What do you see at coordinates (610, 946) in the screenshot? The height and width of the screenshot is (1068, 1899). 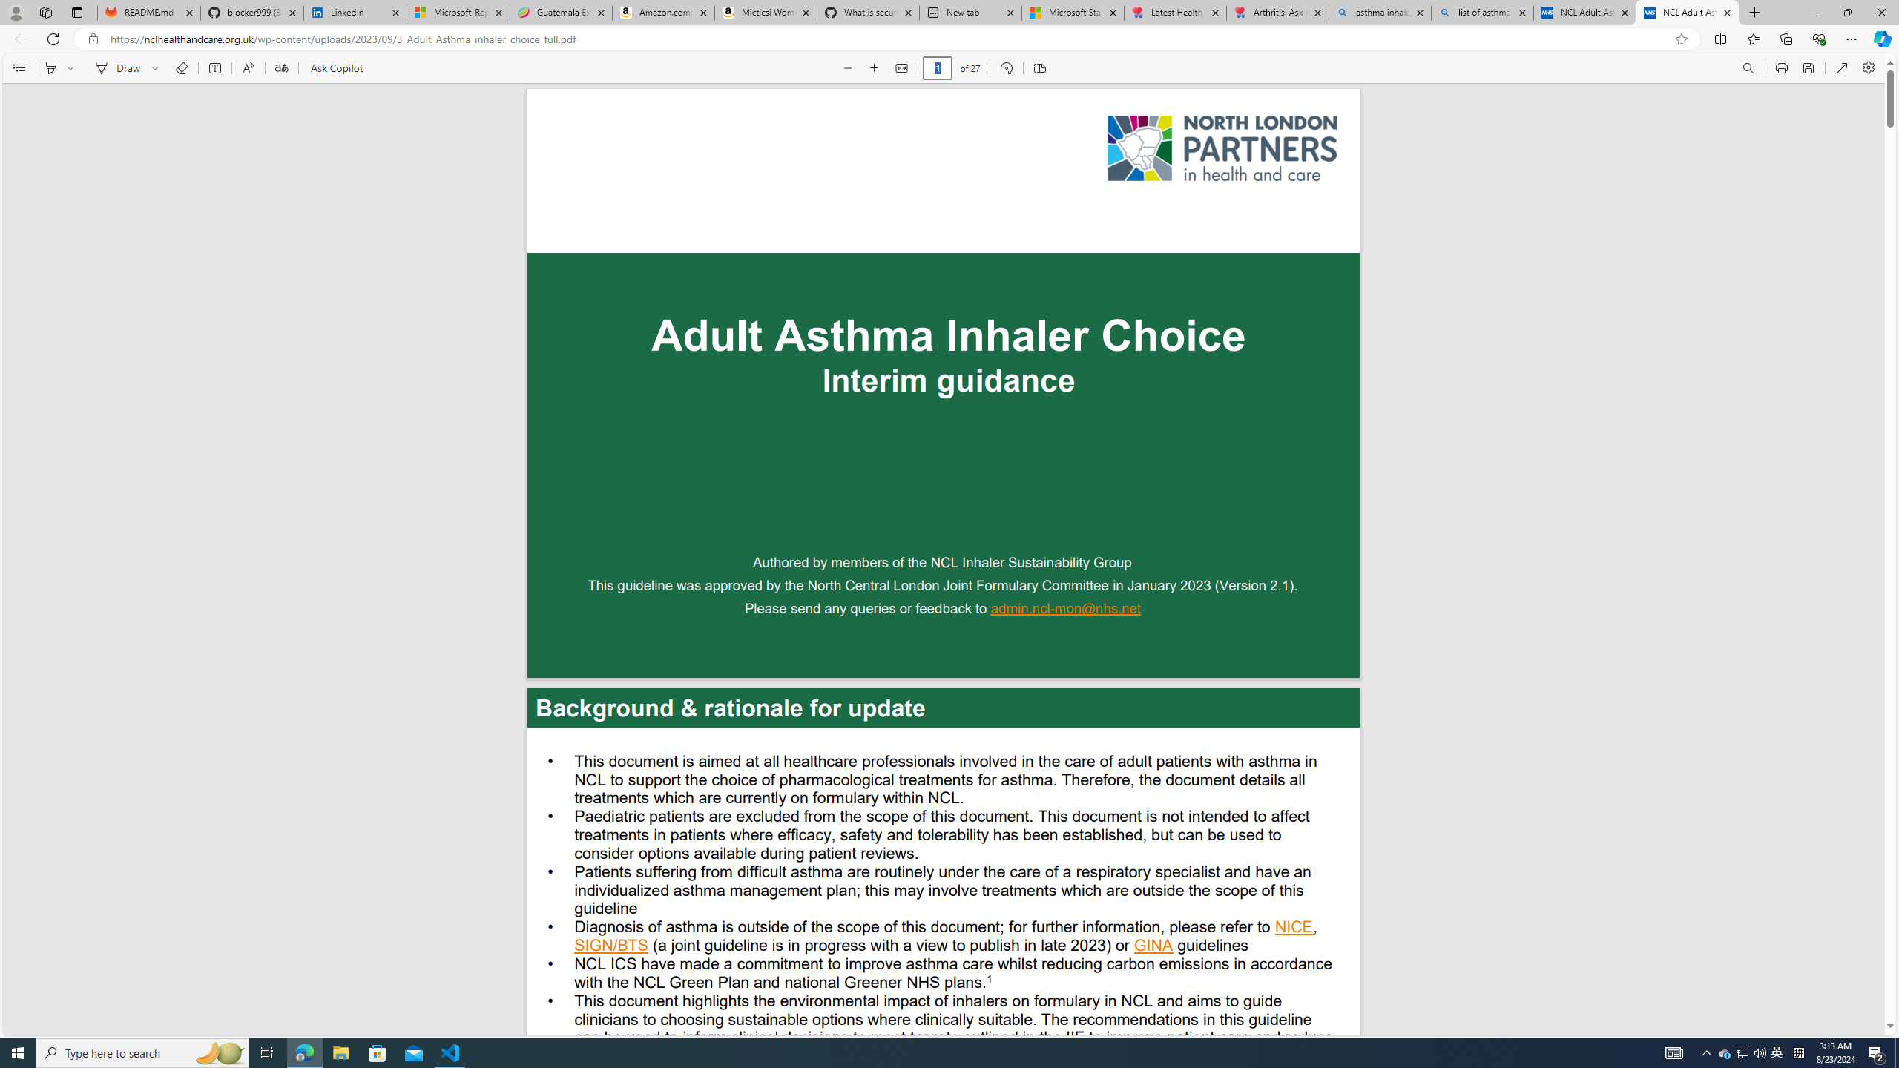 I see `'SIGN/BTS'` at bounding box center [610, 946].